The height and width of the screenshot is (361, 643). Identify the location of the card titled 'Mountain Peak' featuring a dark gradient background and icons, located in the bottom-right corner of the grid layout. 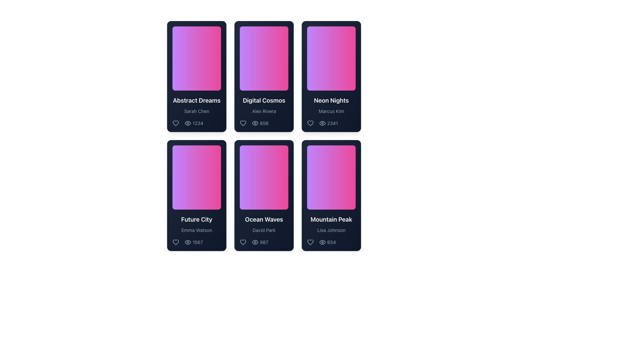
(331, 196).